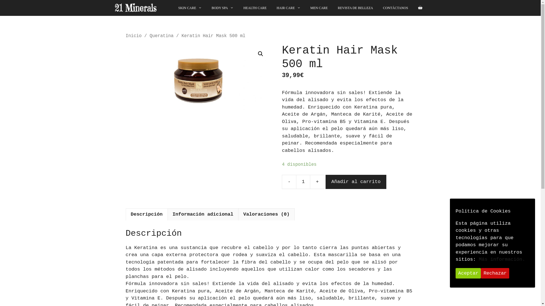 This screenshot has width=545, height=306. I want to click on 'HAIR CARE', so click(288, 8).